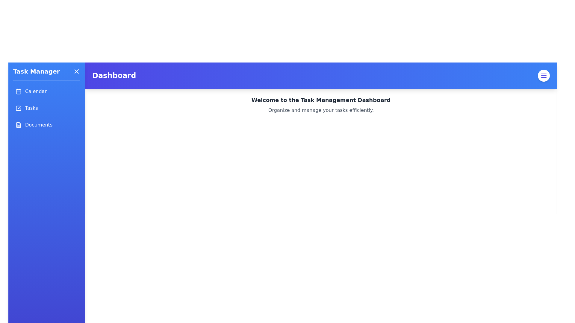  Describe the element at coordinates (46, 108) in the screenshot. I see `the second option 'Tasks' in the vertical navigation menu located in the left sidebar` at that location.